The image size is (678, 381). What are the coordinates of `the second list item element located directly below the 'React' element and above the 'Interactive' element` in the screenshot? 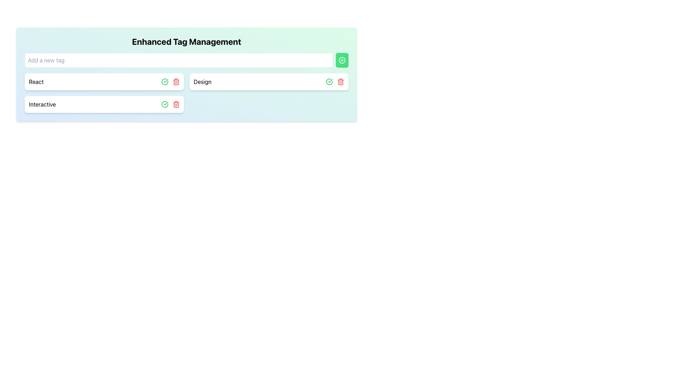 It's located at (268, 81).